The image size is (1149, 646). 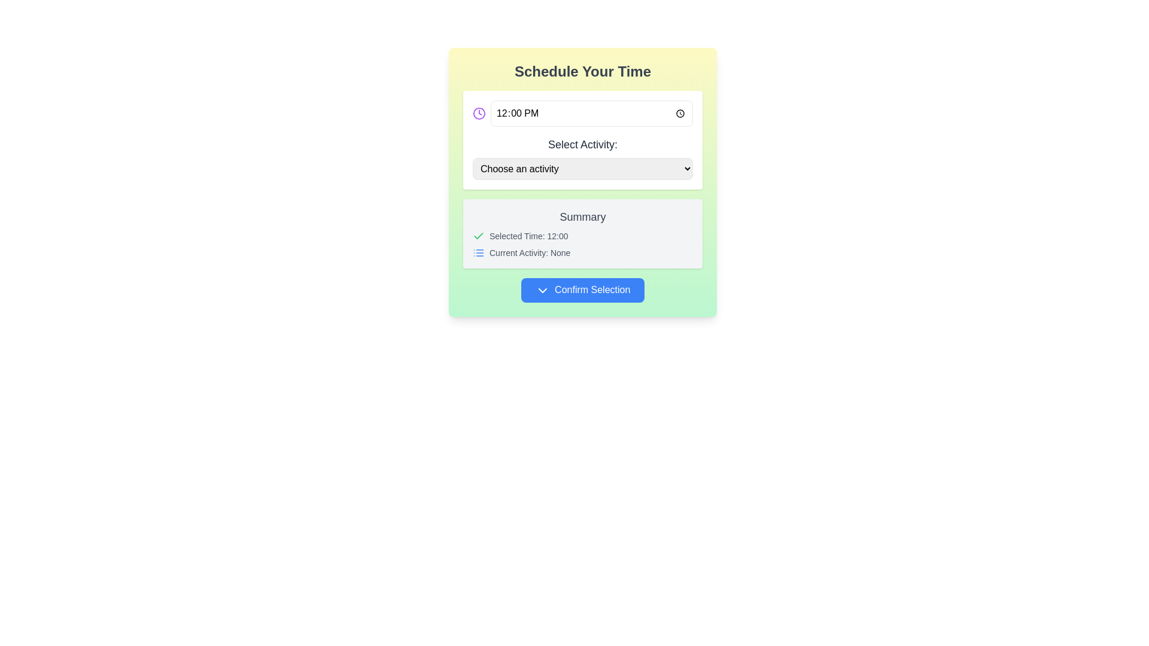 I want to click on the header text label, which serves as the section title for the panel below it, positioned at the top center of the panel, so click(x=583, y=71).